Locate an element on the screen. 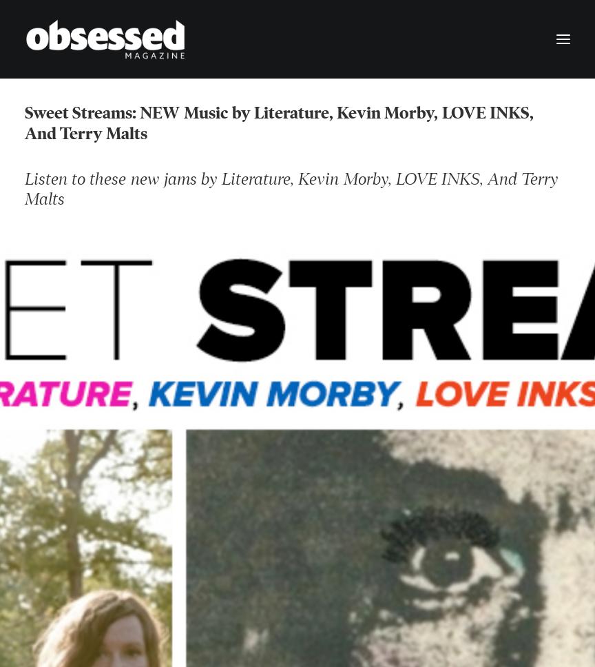  'NEW' is located at coordinates (165, 113).